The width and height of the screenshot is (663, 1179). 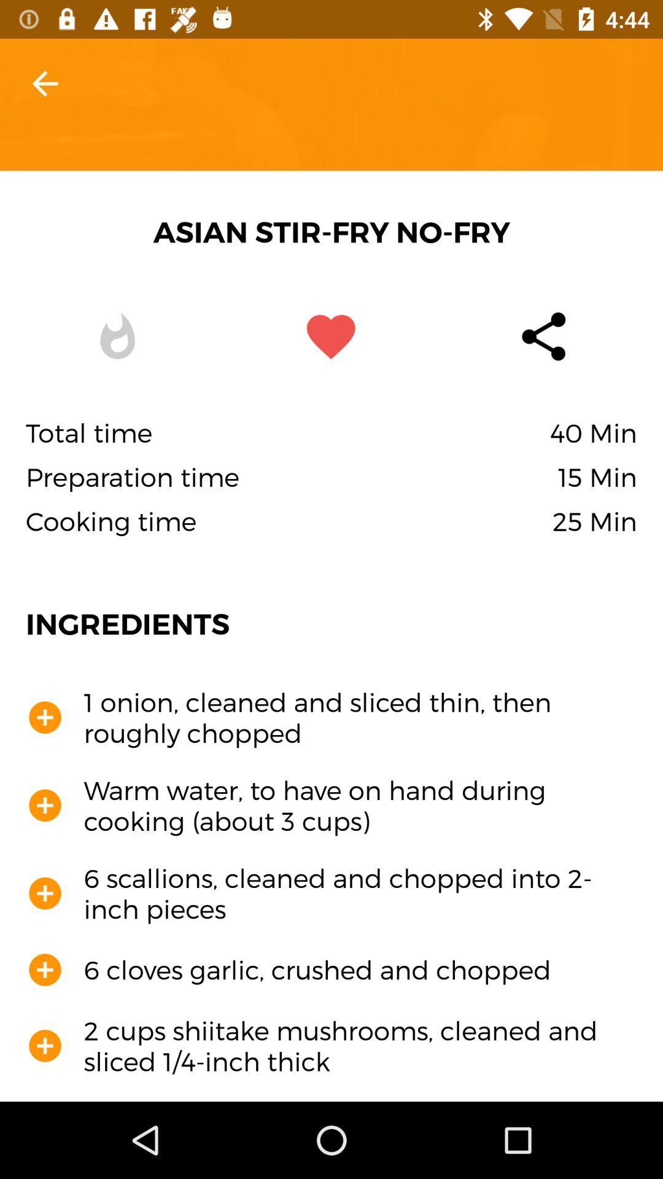 I want to click on the icon which is to the left of the favorite icon, so click(x=118, y=337).